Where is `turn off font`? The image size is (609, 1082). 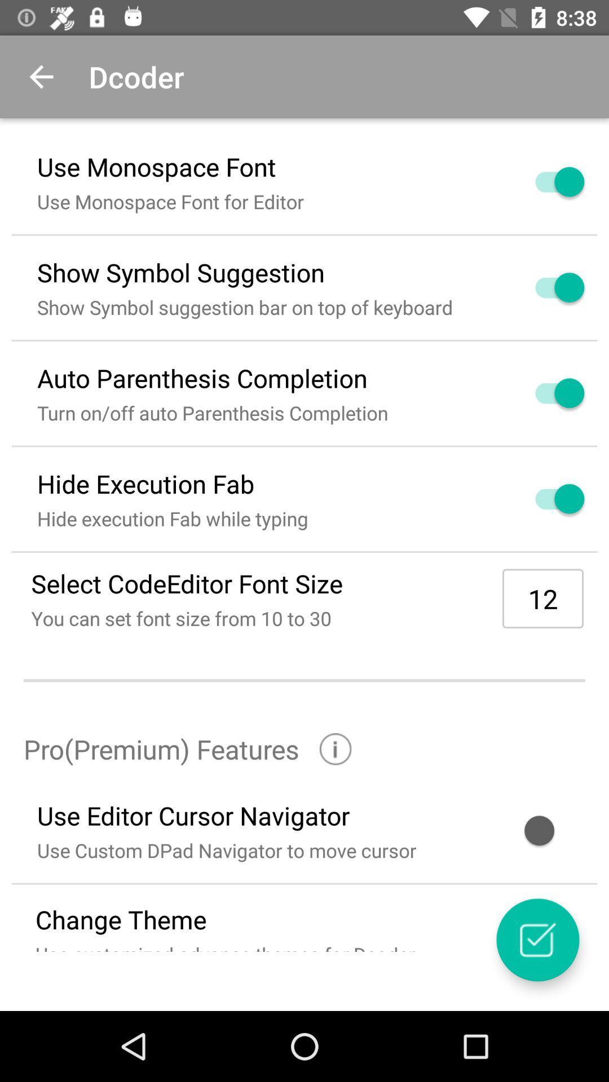
turn off font is located at coordinates (546, 181).